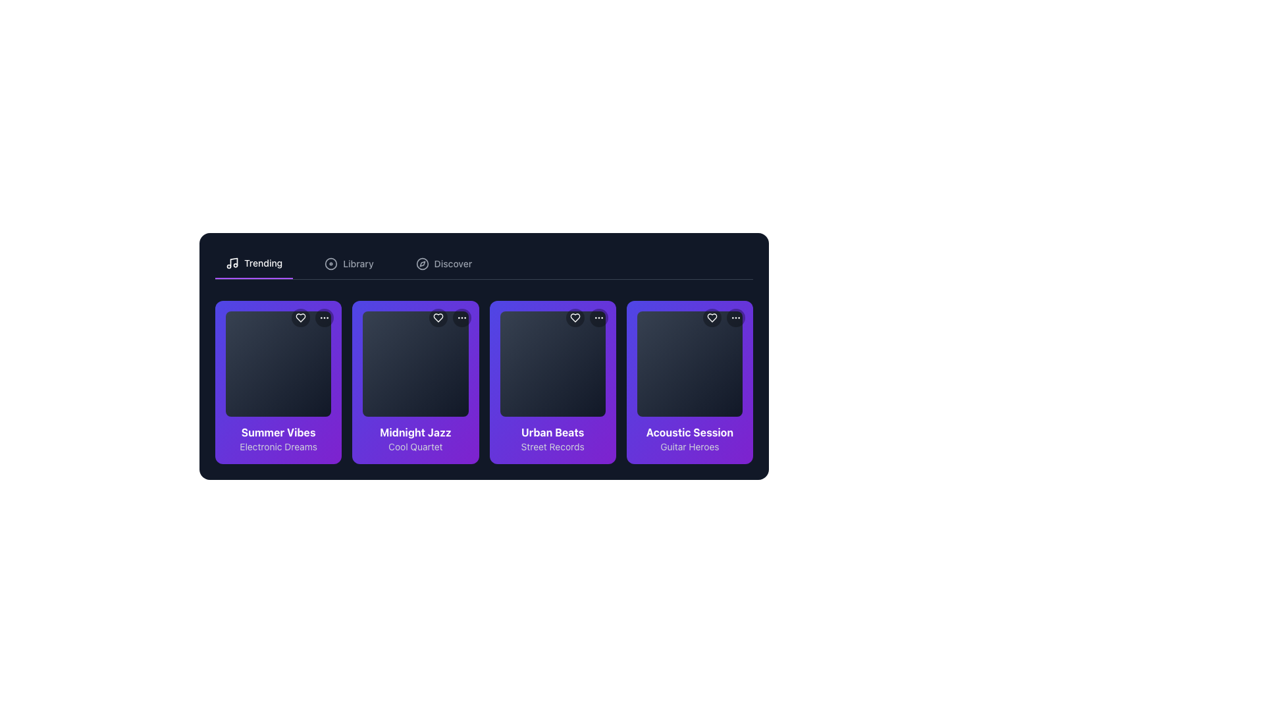 The height and width of the screenshot is (711, 1264). I want to click on the 'like' or 'favorite' icon in the top-right corner of the 'Midnight Jazz' card, so click(438, 317).